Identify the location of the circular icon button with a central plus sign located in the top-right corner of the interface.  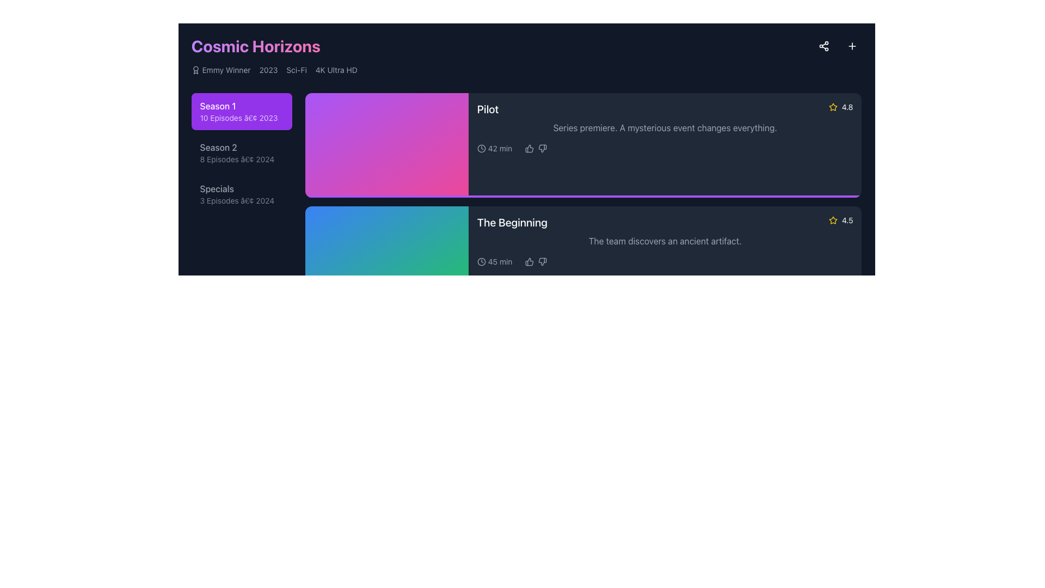
(851, 45).